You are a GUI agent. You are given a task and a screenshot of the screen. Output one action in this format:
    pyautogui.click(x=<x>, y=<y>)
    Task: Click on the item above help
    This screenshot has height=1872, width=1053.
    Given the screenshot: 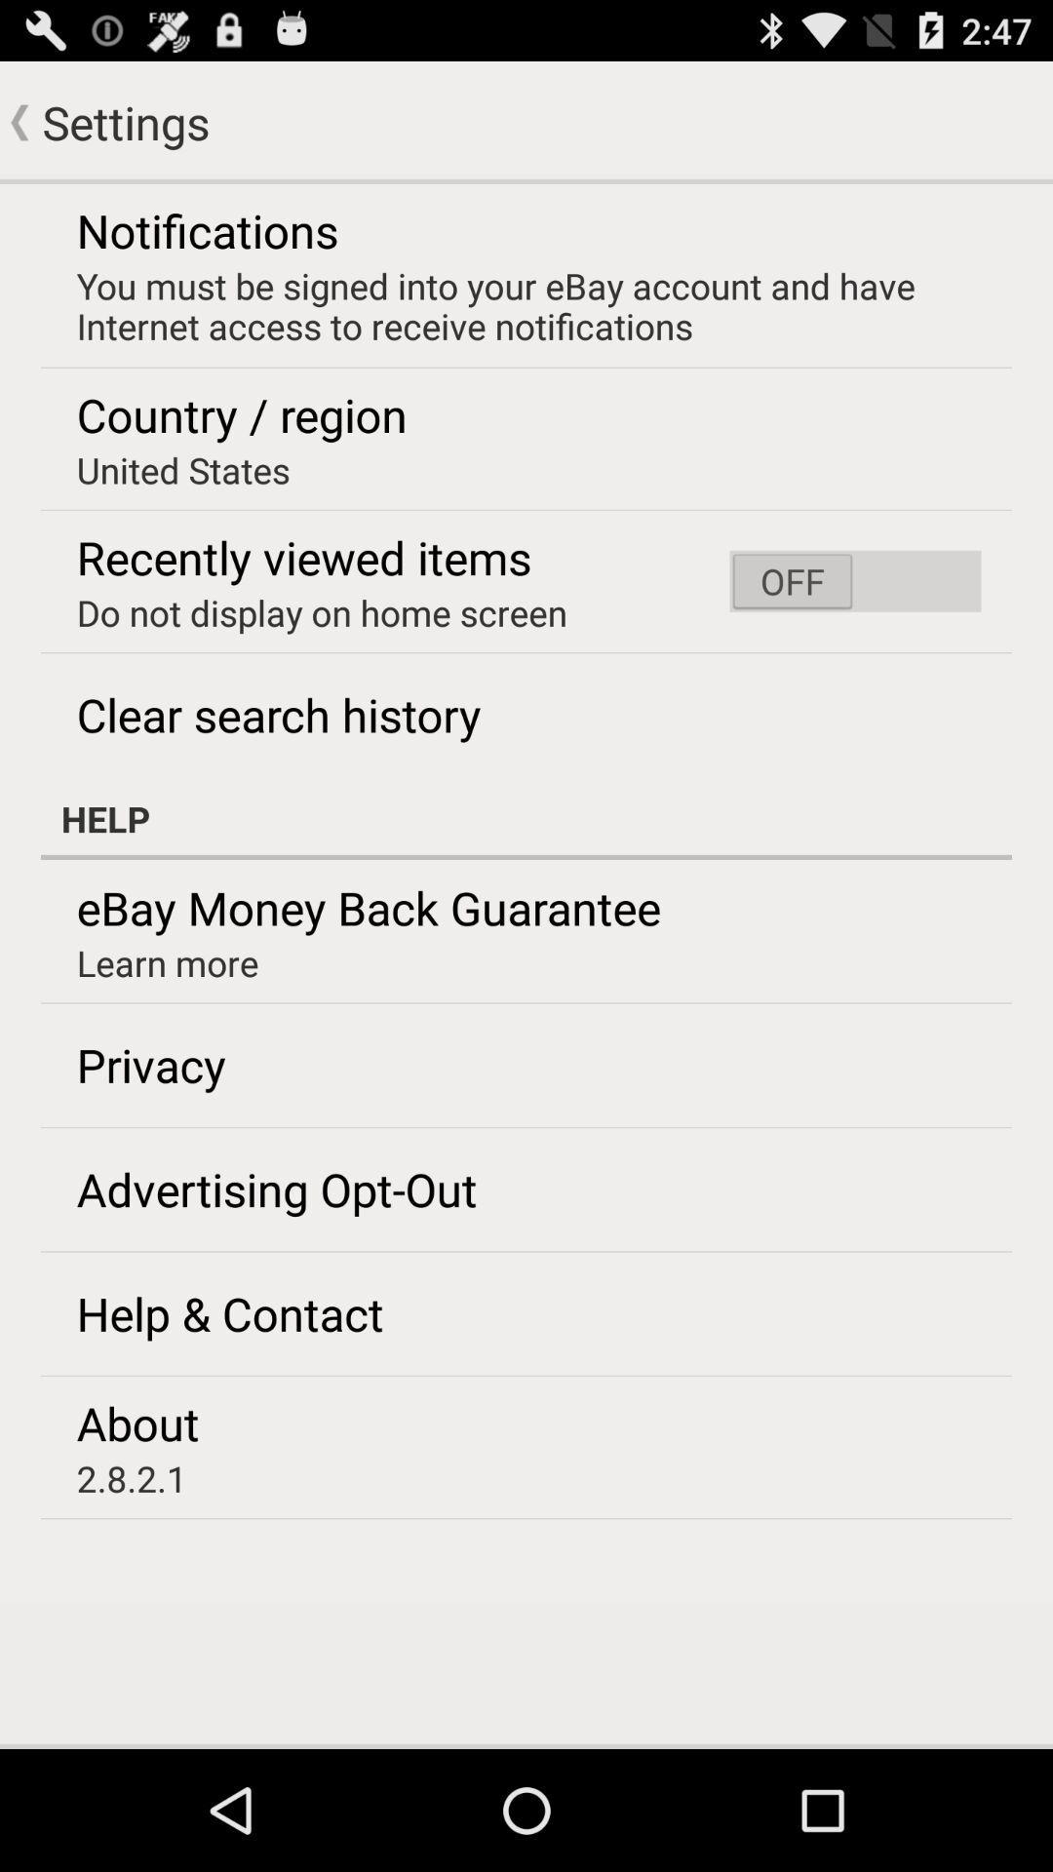 What is the action you would take?
    pyautogui.click(x=854, y=580)
    